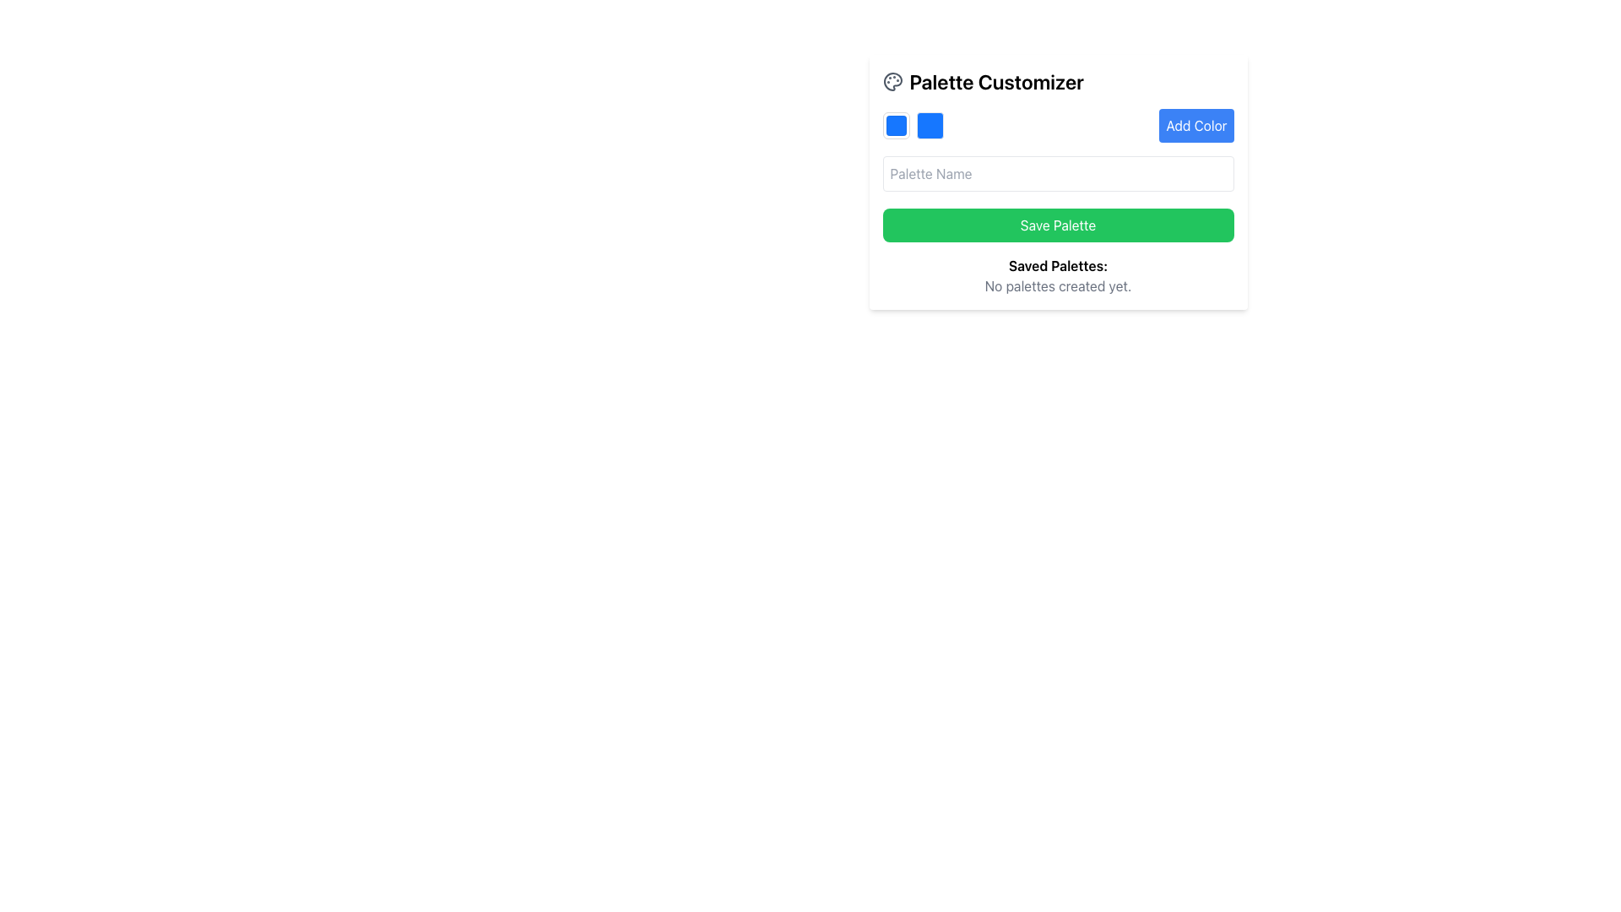 The width and height of the screenshot is (1621, 912). Describe the element at coordinates (895, 125) in the screenshot. I see `the Color Block element located near the top-left corner of the palette customization section` at that location.